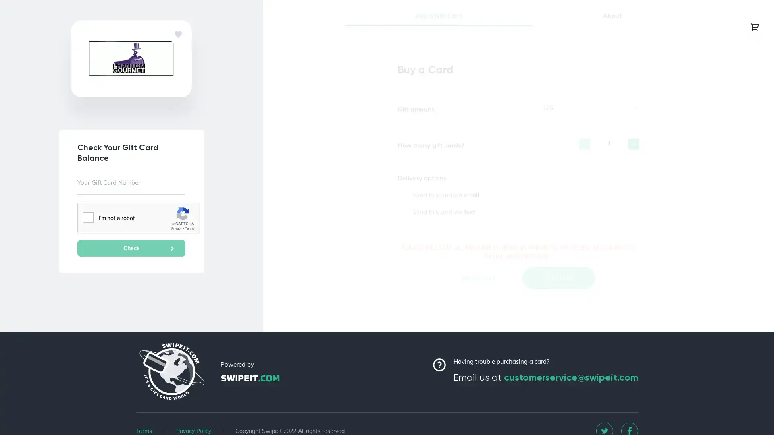 This screenshot has width=774, height=435. What do you see at coordinates (633, 155) in the screenshot?
I see `+` at bounding box center [633, 155].